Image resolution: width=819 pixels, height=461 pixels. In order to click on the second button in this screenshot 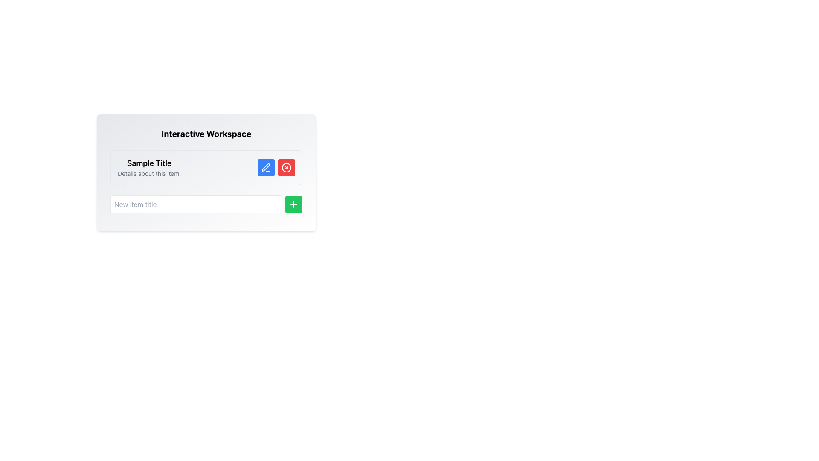, I will do `click(287, 168)`.